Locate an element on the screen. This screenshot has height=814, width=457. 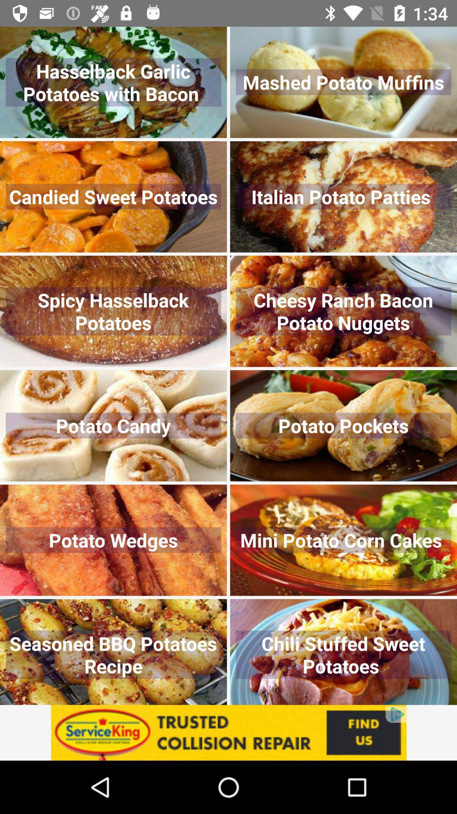
the image which is below mashed potato muffins on the page is located at coordinates (344, 196).